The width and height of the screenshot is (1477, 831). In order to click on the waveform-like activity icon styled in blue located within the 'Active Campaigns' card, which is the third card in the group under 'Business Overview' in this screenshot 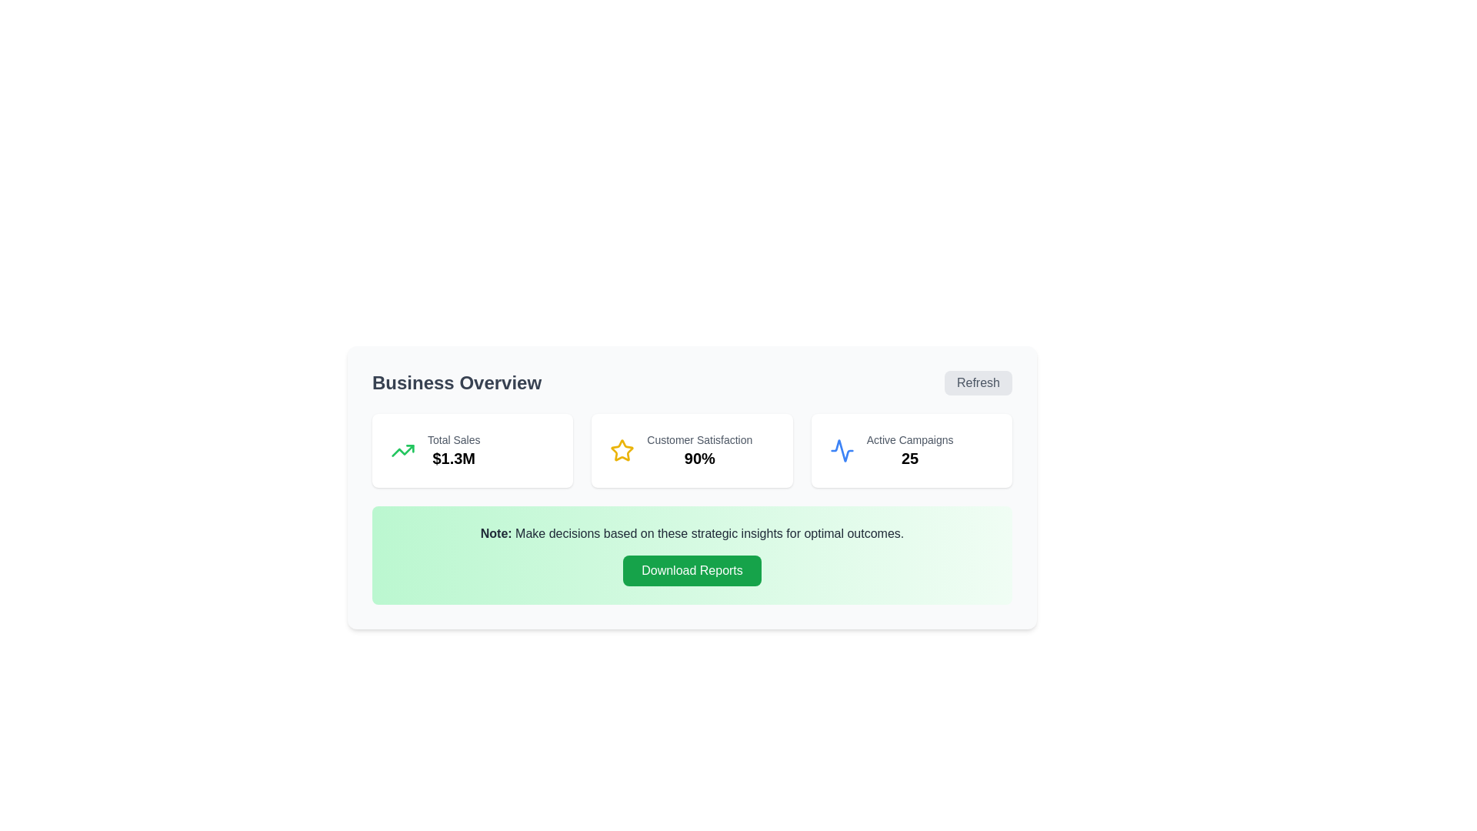, I will do `click(841, 450)`.